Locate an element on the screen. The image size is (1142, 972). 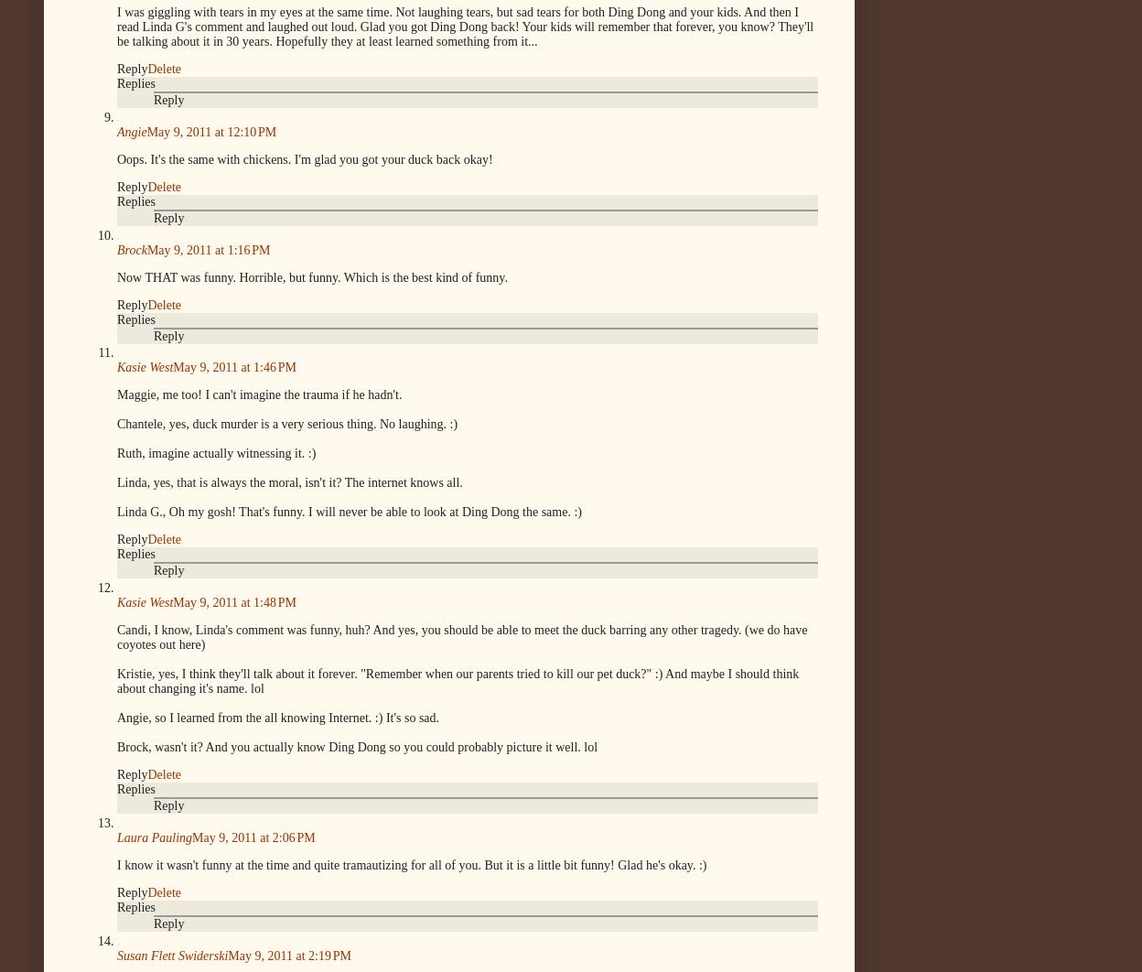
'Ruth, imagine actually witnessing it. :)' is located at coordinates (216, 452).